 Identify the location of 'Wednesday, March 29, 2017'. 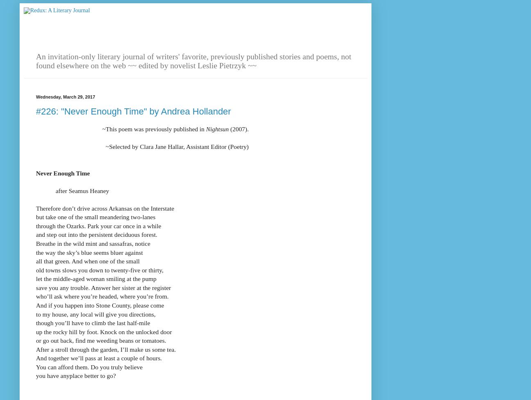
(36, 97).